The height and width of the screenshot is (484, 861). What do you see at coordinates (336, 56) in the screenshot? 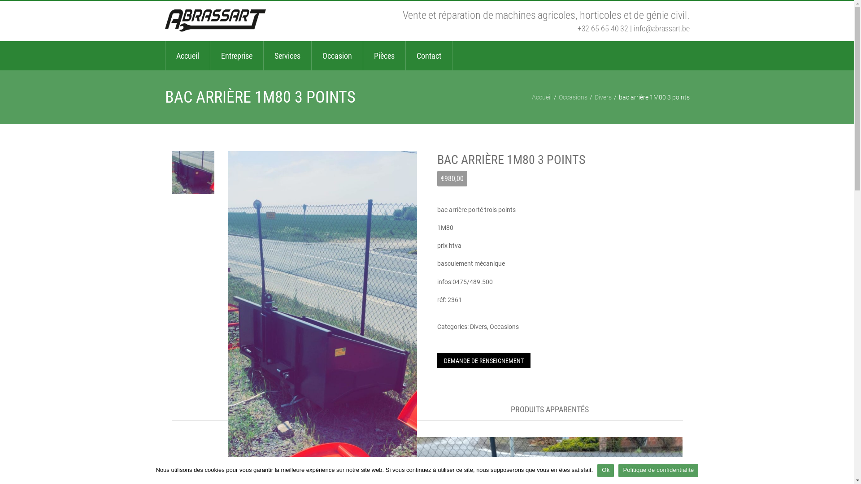
I see `'Occasion'` at bounding box center [336, 56].